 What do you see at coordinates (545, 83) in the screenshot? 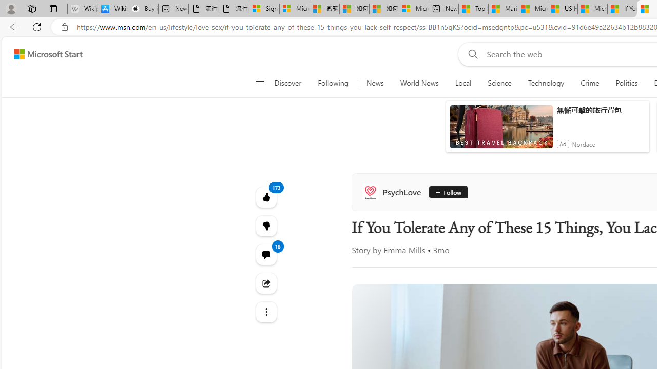
I see `'Technology'` at bounding box center [545, 83].